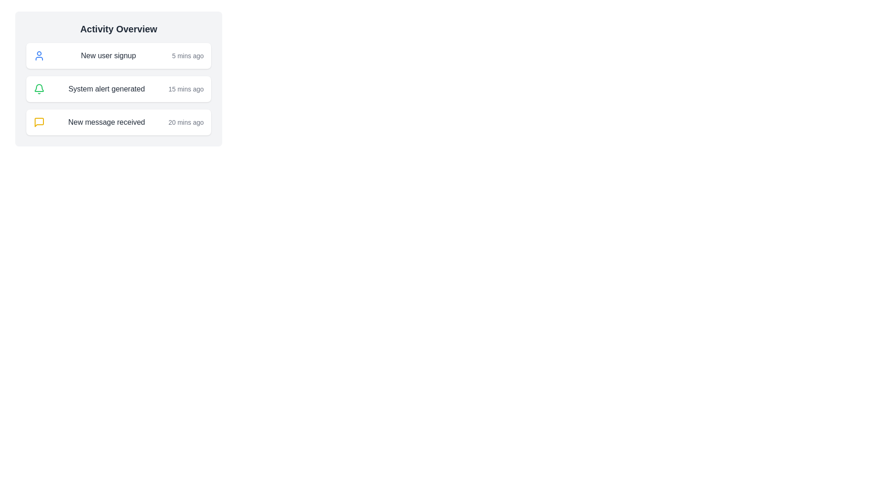 This screenshot has width=887, height=499. What do you see at coordinates (106, 89) in the screenshot?
I see `the text label displaying 'System alert generated' which is styled in gray and positioned within an activity card, located to the right of a green notification bell icon and above a timestamp` at bounding box center [106, 89].